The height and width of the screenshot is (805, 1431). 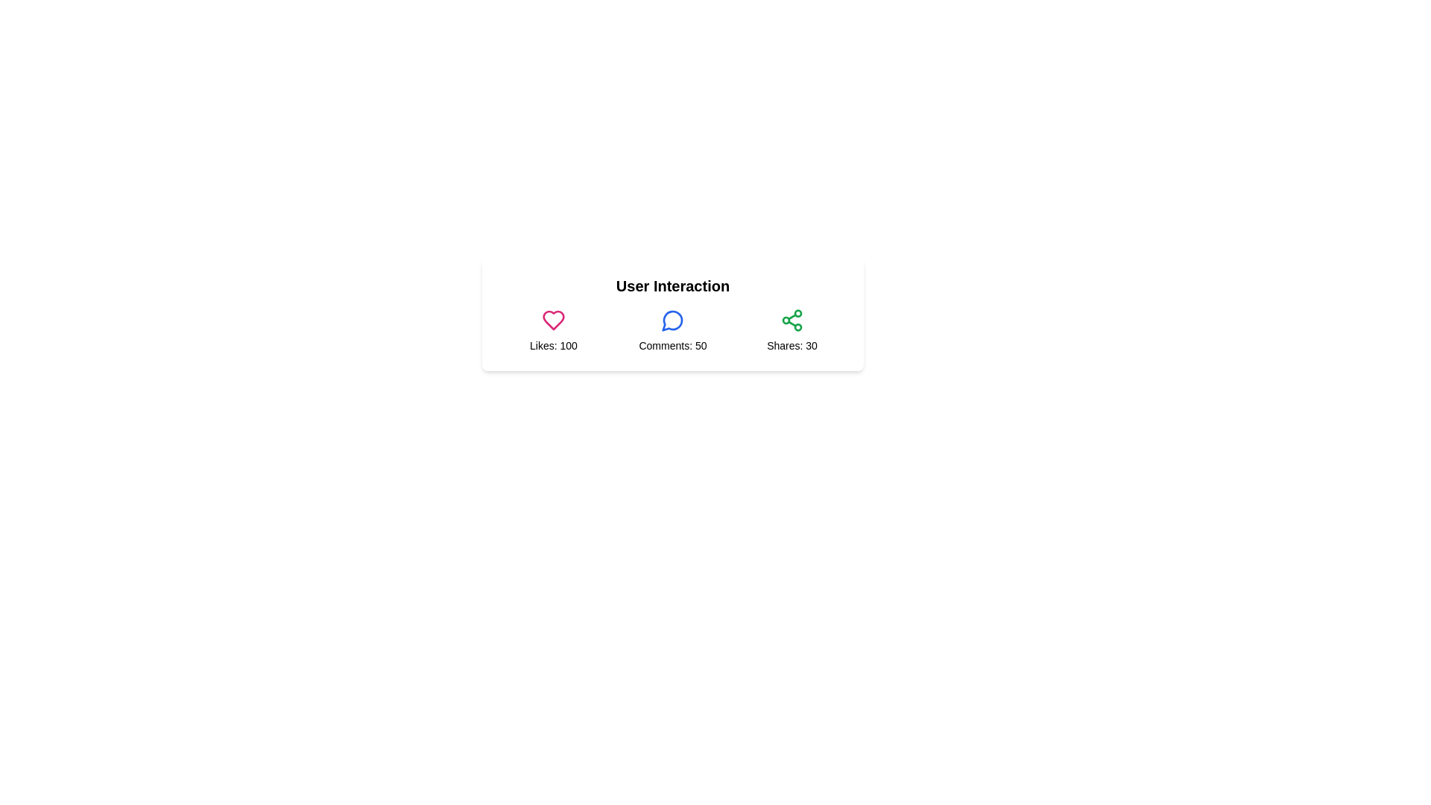 I want to click on the text 'Likes: 100' of the Interactive display unit featuring a pink heart icon, located at the leftmost position in the 'User Interaction' section, so click(x=553, y=329).